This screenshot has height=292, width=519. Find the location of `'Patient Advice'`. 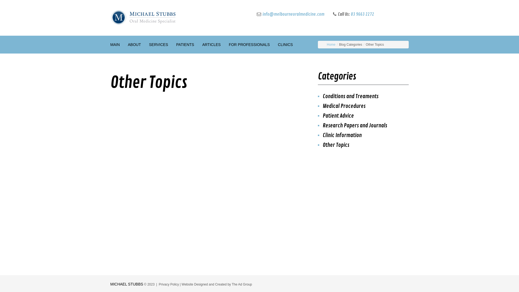

'Patient Advice' is located at coordinates (338, 115).